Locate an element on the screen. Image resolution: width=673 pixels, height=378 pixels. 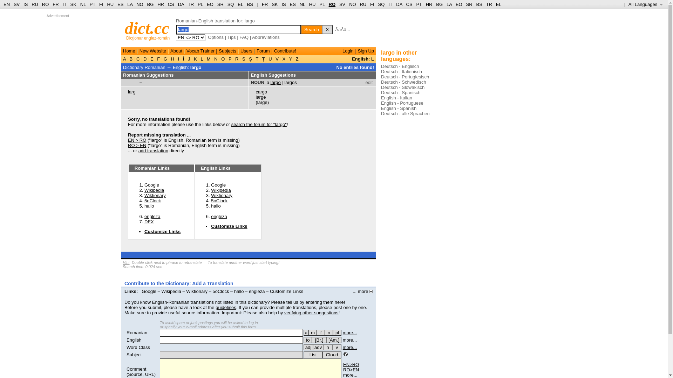
'verifying other suggestions' is located at coordinates (311, 312).